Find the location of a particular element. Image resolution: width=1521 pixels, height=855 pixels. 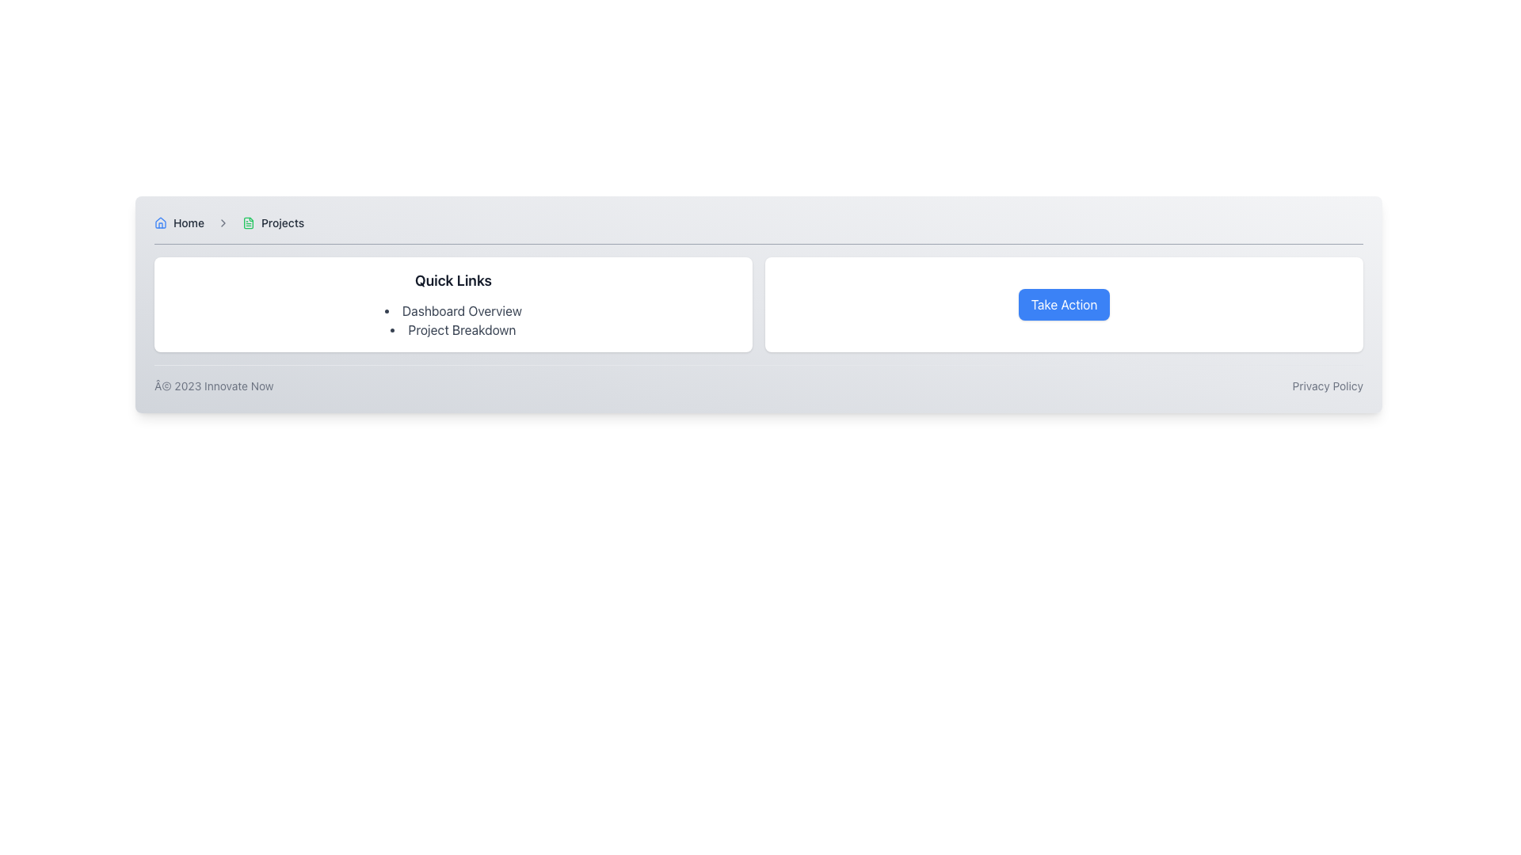

the first item in the text-based list that serves as a navigation link to the 'Dashboard Overview' page to potentially see additional information is located at coordinates (452, 311).